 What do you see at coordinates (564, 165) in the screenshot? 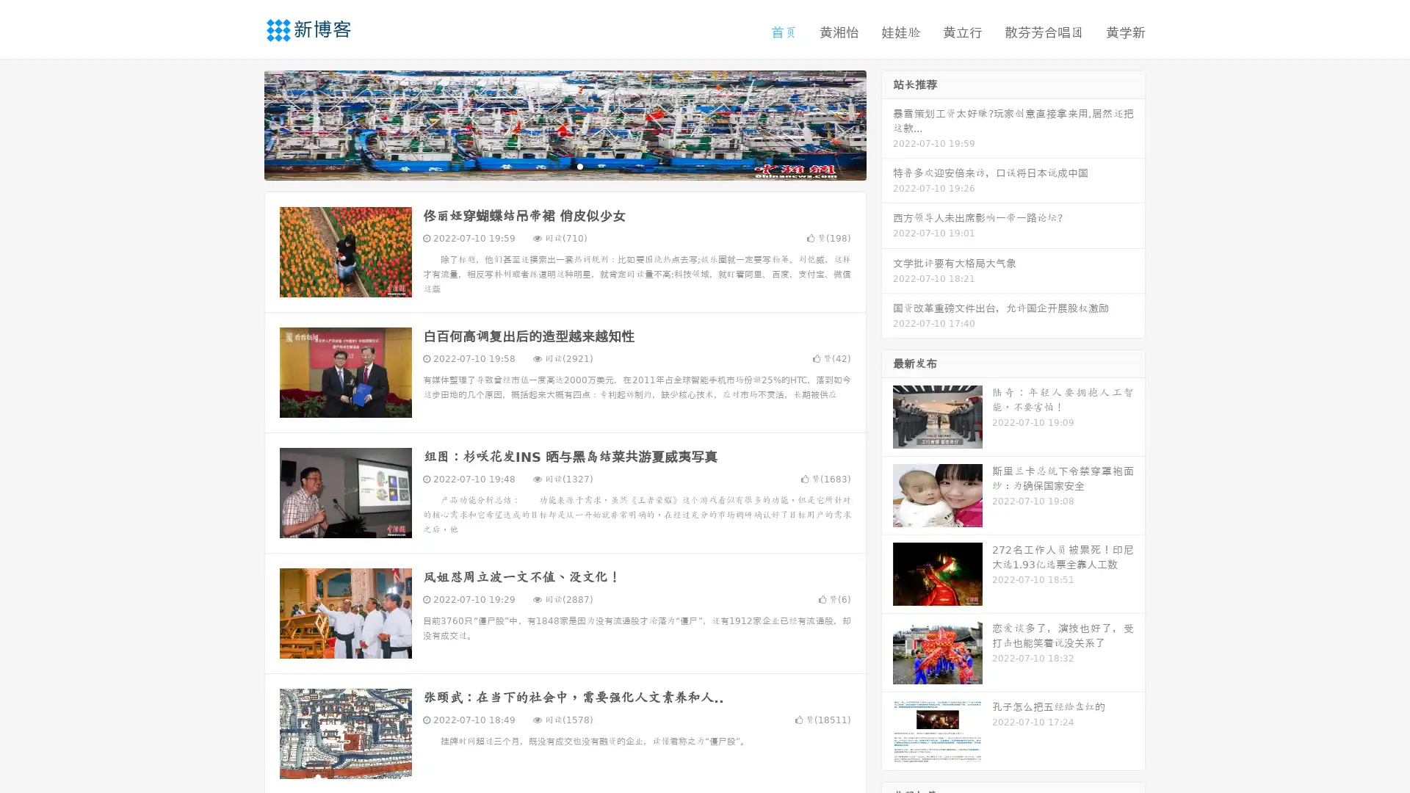
I see `Go to slide 2` at bounding box center [564, 165].